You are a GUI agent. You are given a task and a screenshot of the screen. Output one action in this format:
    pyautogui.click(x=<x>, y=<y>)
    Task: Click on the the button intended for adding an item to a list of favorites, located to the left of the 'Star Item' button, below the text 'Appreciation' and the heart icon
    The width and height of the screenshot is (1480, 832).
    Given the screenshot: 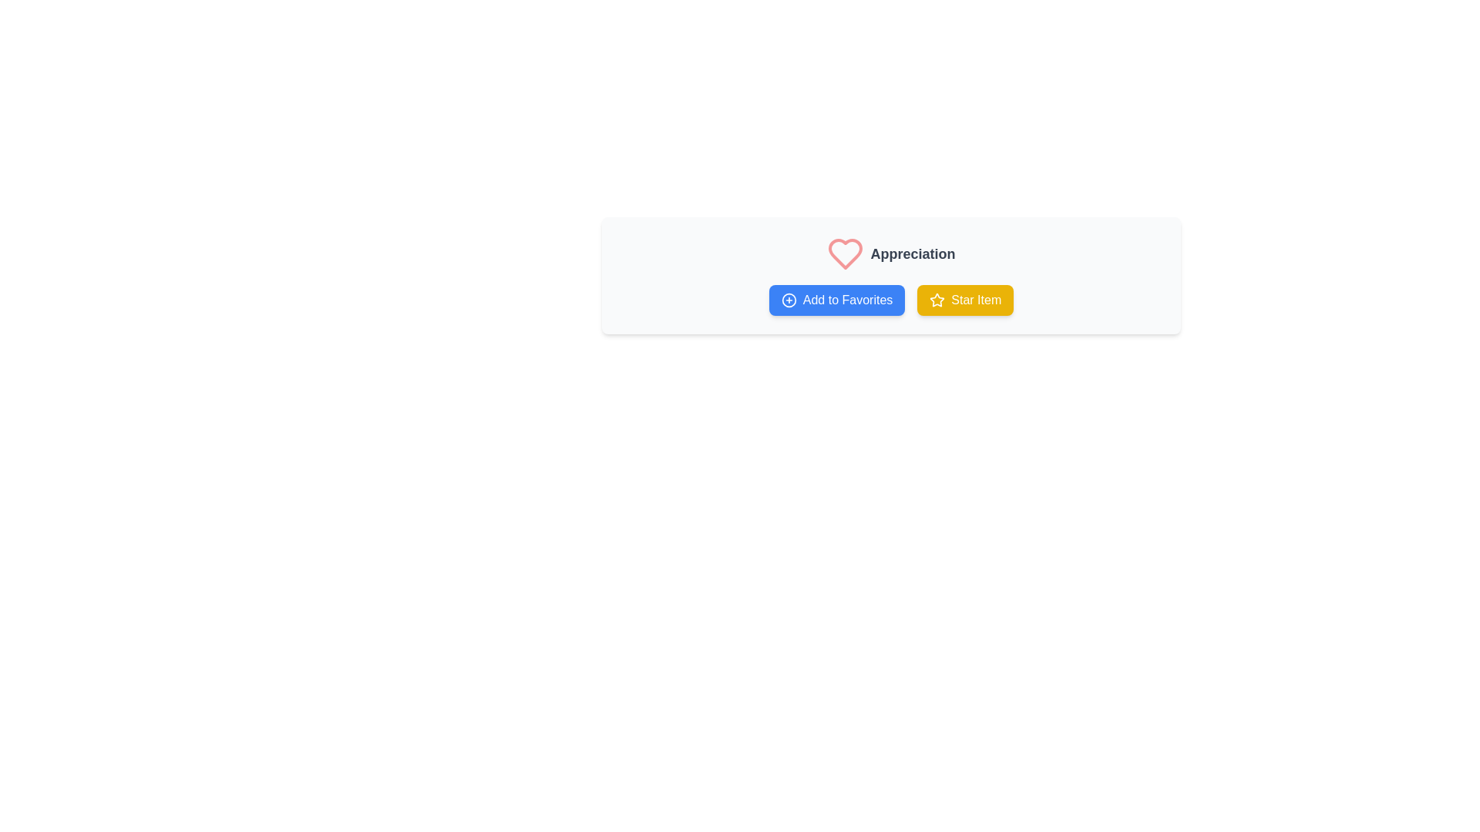 What is the action you would take?
    pyautogui.click(x=836, y=300)
    